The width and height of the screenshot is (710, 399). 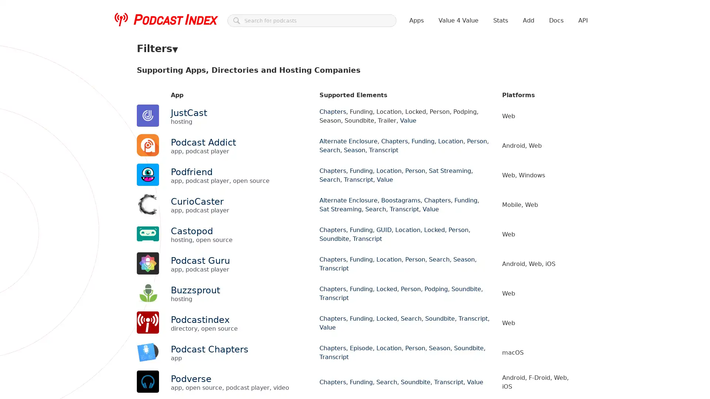 What do you see at coordinates (185, 112) in the screenshot?
I see `Alternate Enclosure` at bounding box center [185, 112].